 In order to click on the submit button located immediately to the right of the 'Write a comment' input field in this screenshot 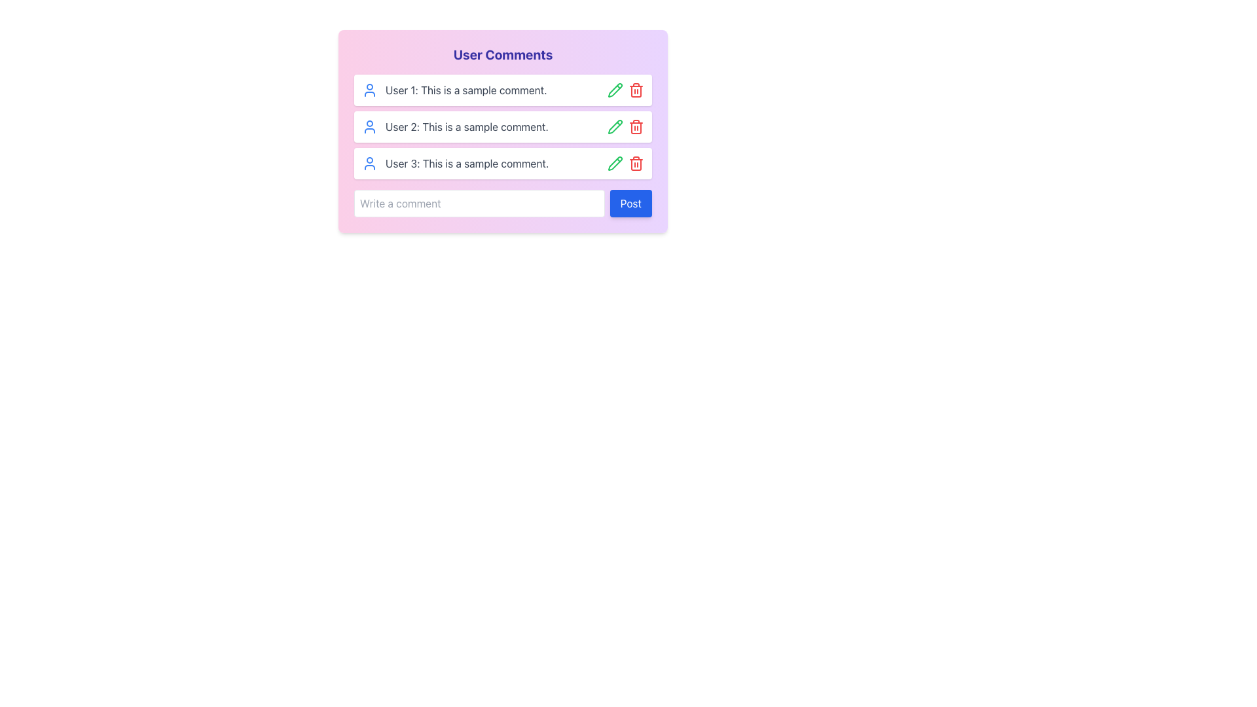, I will do `click(630, 204)`.